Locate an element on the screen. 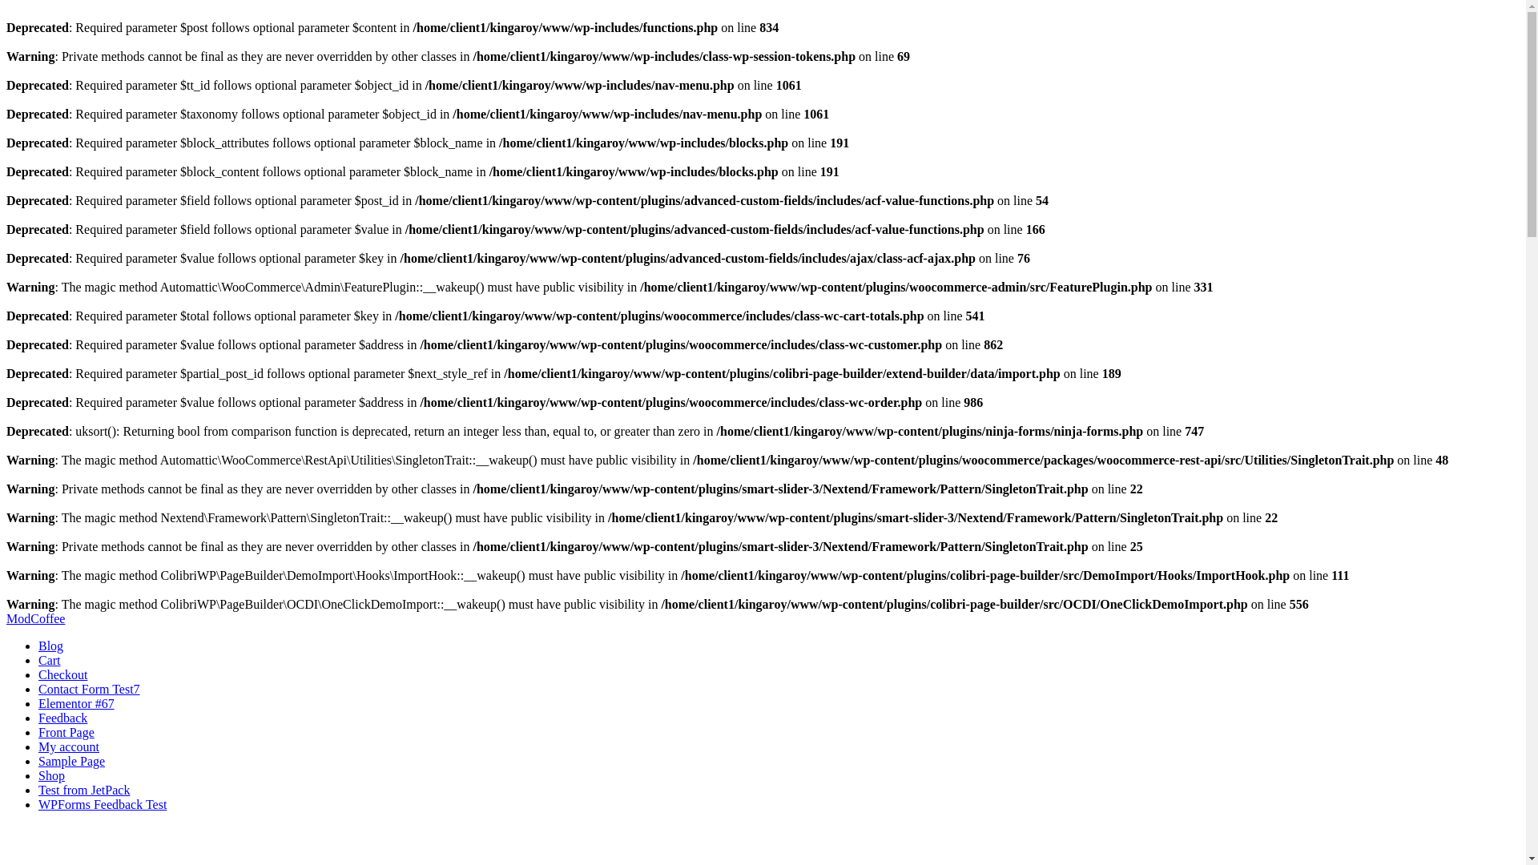  'My account' is located at coordinates (68, 746).